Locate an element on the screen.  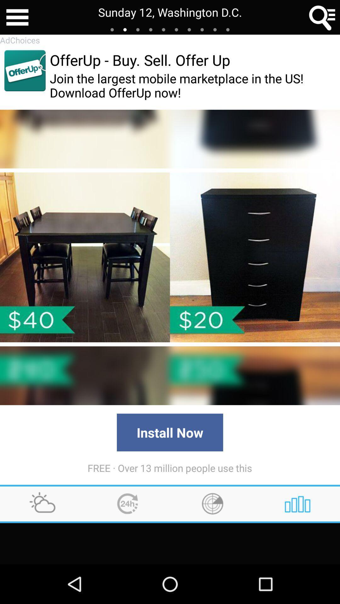
expand general options is located at coordinates (17, 17).